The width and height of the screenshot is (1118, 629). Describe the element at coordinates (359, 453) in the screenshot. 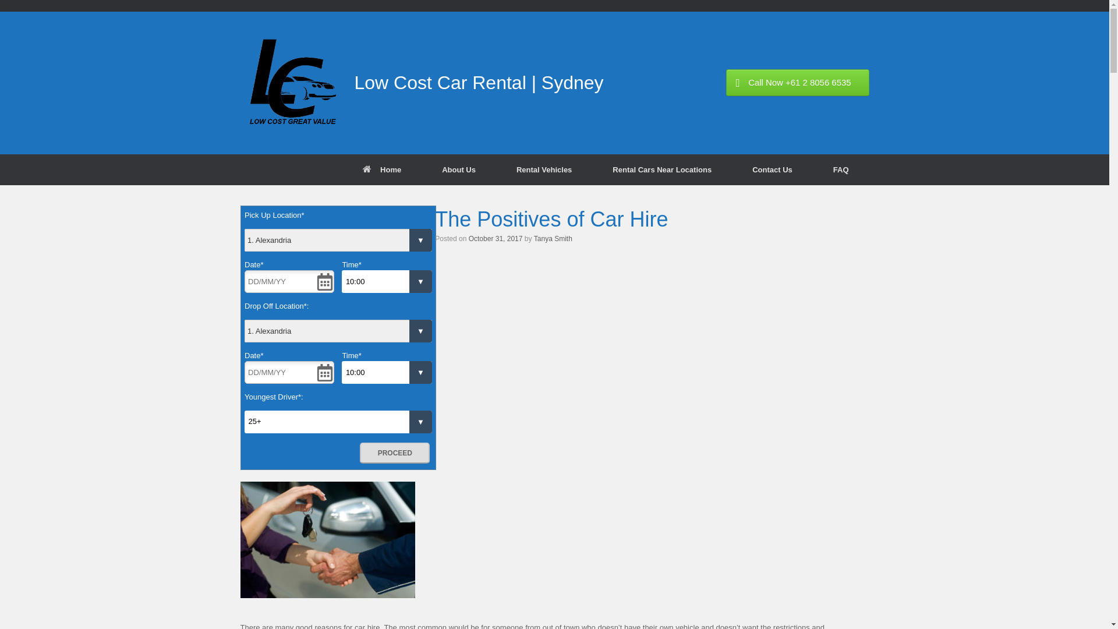

I see `'PROCEED'` at that location.